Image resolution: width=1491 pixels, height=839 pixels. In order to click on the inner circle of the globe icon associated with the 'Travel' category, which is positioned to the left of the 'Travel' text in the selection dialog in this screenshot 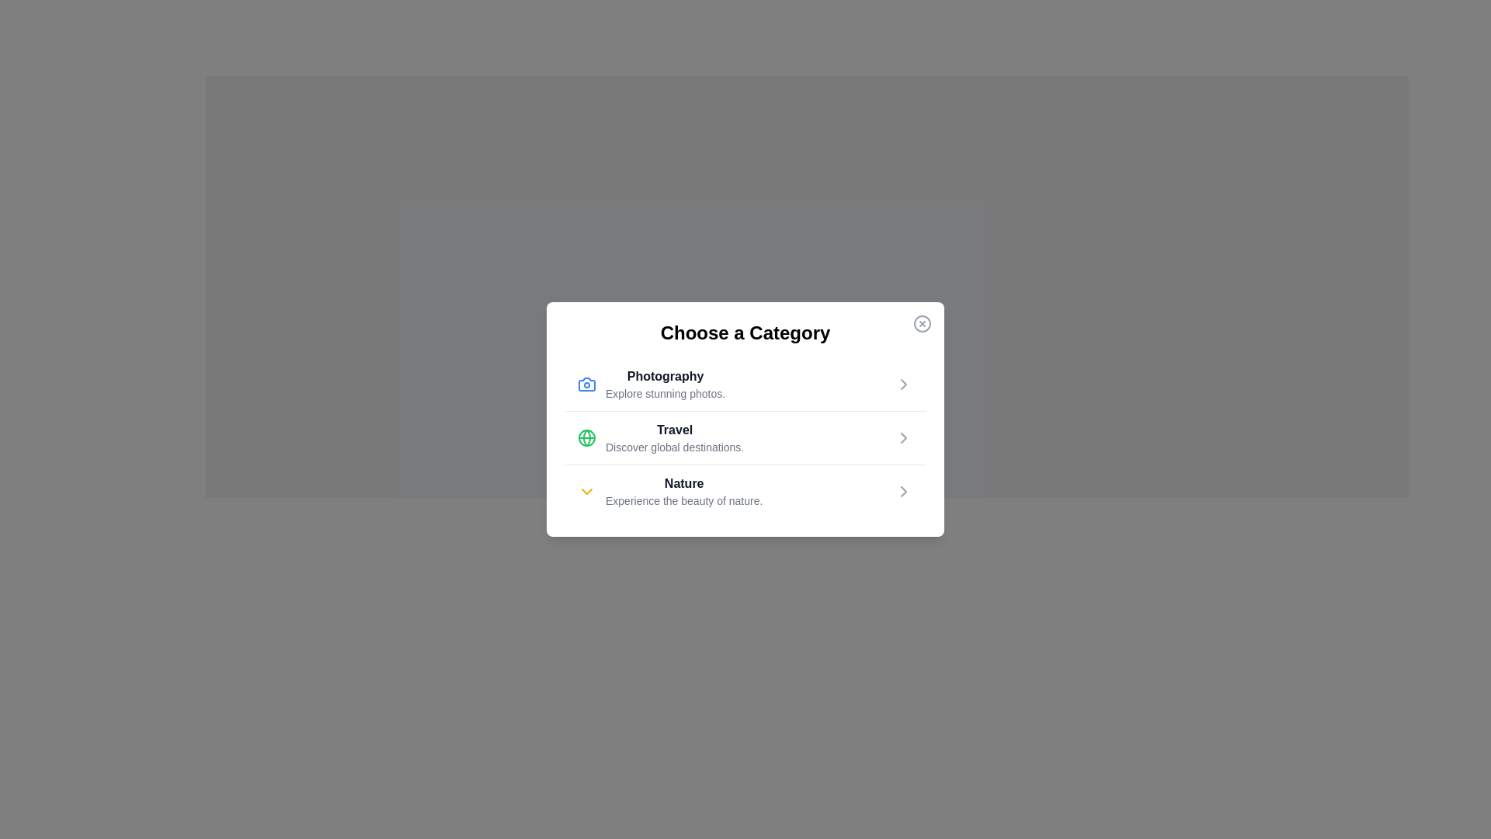, I will do `click(586, 437)`.